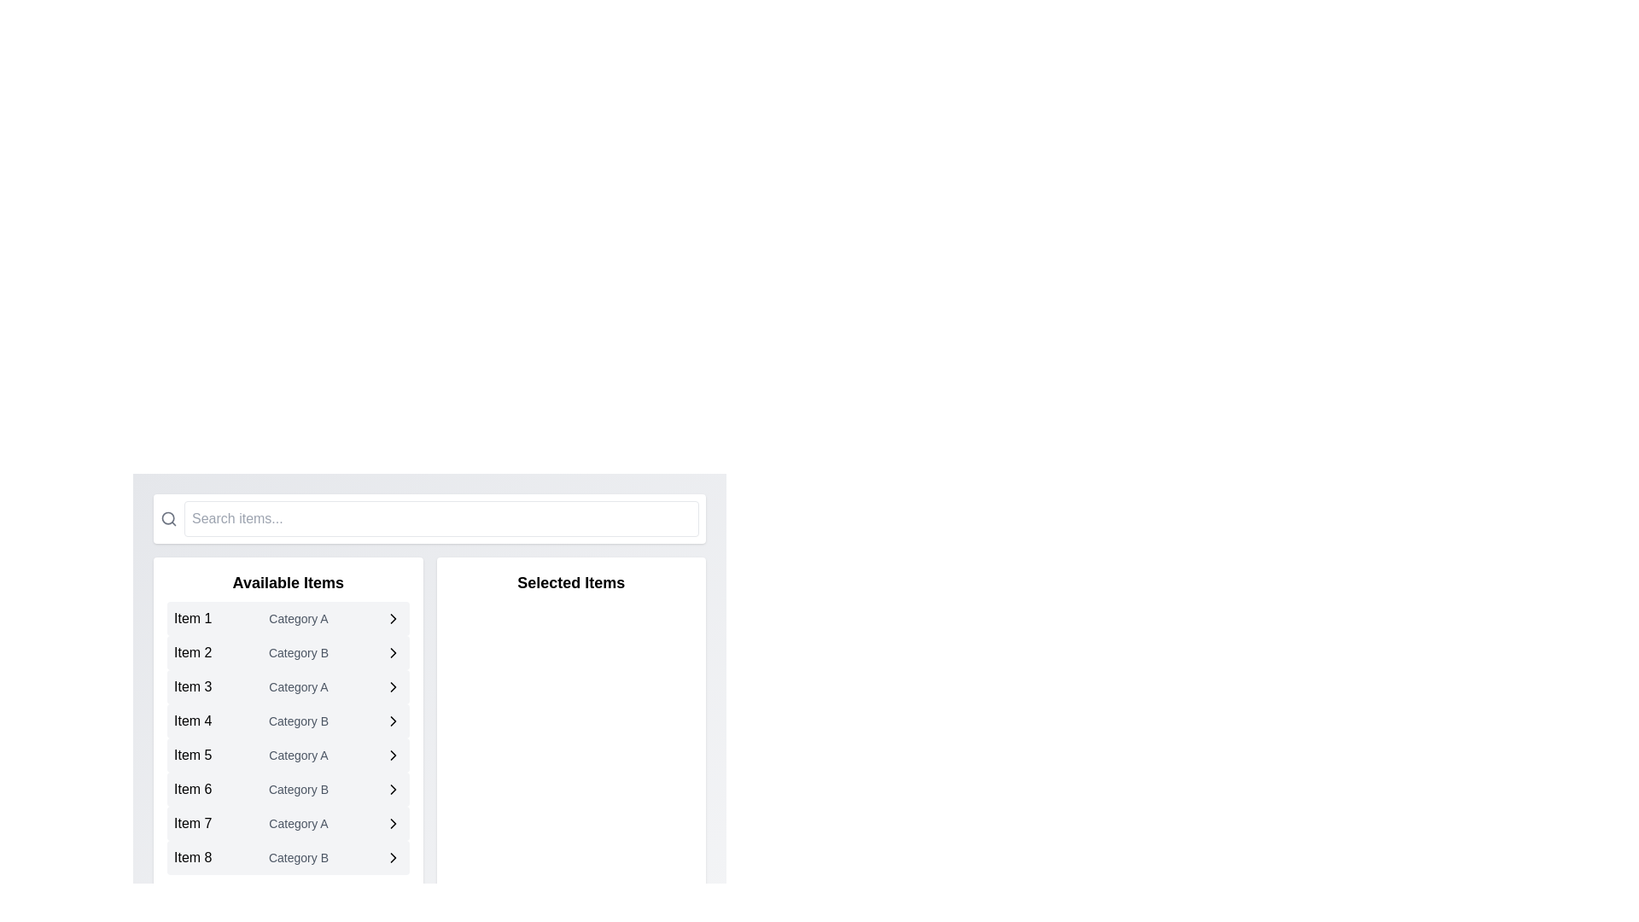  I want to click on the List item labeled 'Item 5' under 'Available Items', so click(288, 737).